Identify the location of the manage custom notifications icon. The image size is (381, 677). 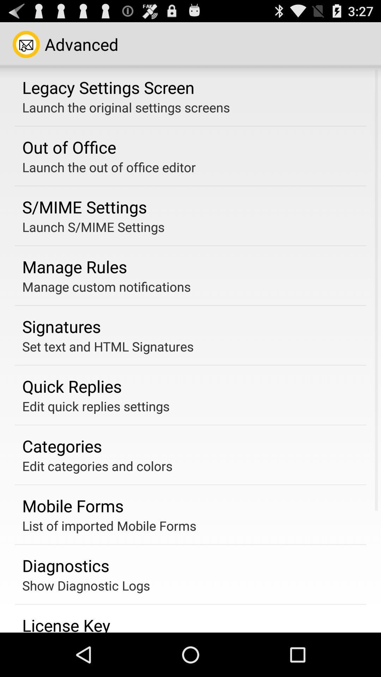
(106, 286).